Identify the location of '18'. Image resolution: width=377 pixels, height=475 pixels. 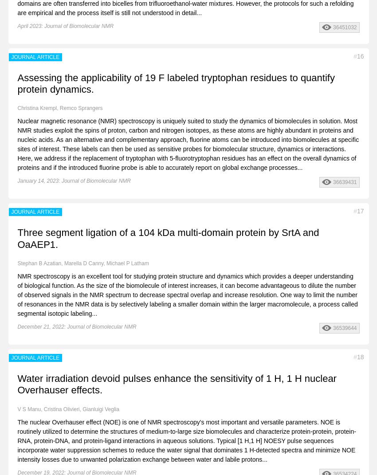
(356, 356).